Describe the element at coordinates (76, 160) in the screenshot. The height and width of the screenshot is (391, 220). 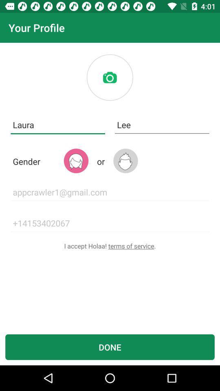
I see `the item next to the gender item` at that location.